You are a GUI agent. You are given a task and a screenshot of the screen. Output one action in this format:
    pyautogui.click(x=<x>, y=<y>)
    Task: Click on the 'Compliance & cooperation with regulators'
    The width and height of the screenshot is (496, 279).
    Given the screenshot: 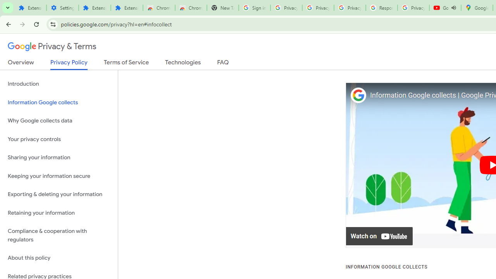 What is the action you would take?
    pyautogui.click(x=59, y=235)
    